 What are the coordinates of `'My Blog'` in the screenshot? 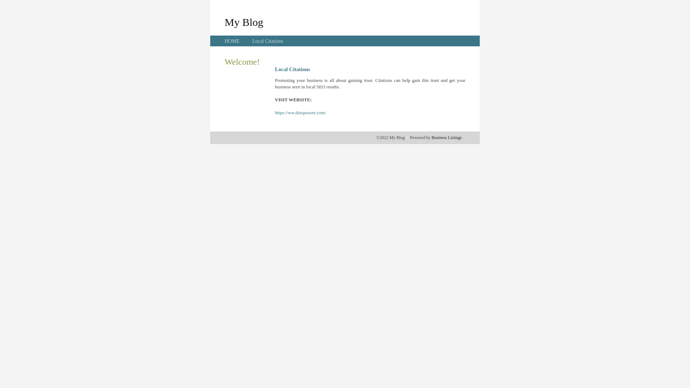 It's located at (244, 22).